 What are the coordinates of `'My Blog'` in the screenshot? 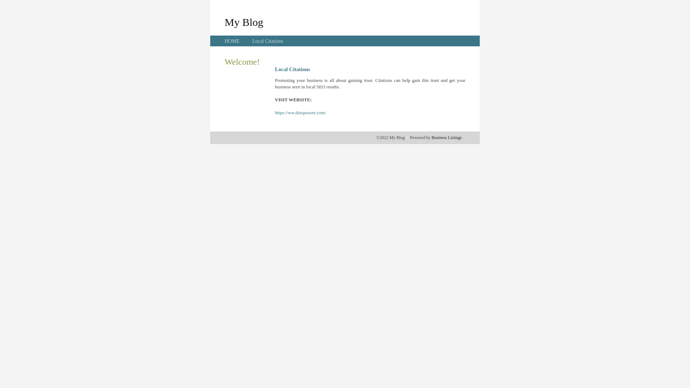 It's located at (244, 22).